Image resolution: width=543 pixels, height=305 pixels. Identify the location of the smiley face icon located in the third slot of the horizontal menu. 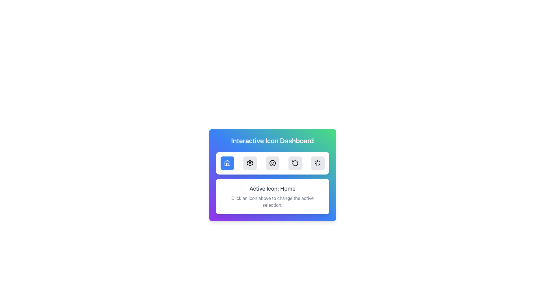
(272, 163).